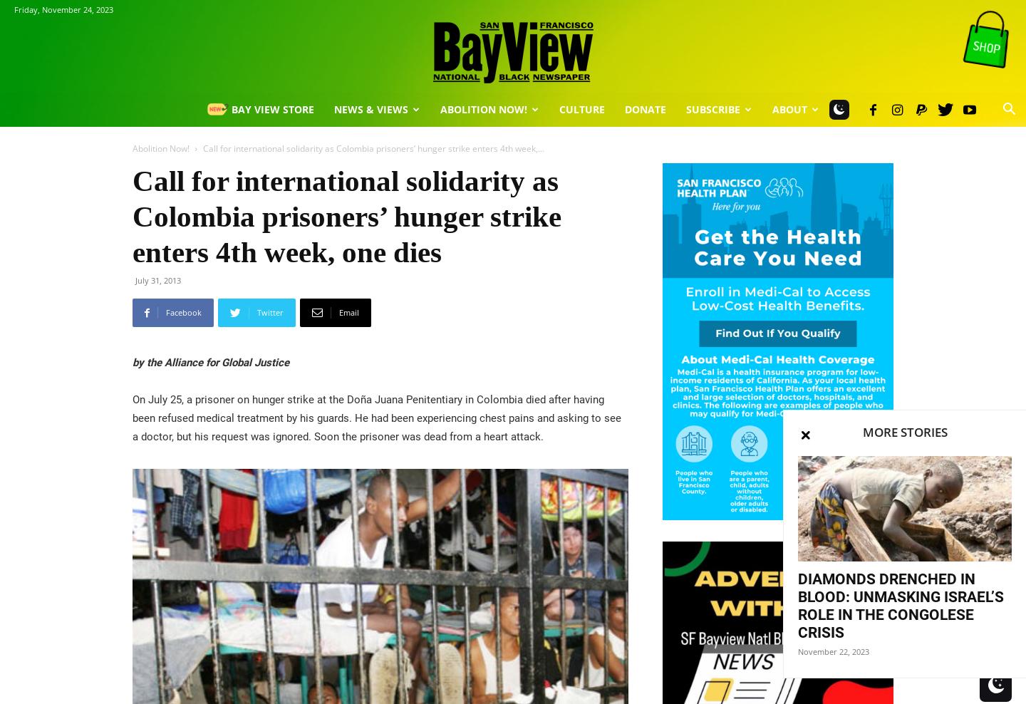 Image resolution: width=1026 pixels, height=704 pixels. What do you see at coordinates (256, 312) in the screenshot?
I see `'Twitter'` at bounding box center [256, 312].